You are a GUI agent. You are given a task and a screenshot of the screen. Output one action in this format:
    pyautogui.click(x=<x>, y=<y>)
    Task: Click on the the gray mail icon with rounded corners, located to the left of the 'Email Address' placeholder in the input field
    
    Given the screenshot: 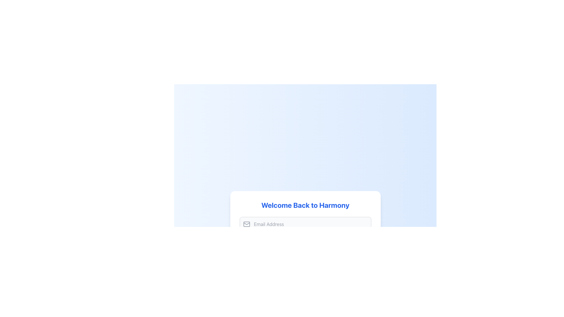 What is the action you would take?
    pyautogui.click(x=246, y=224)
    